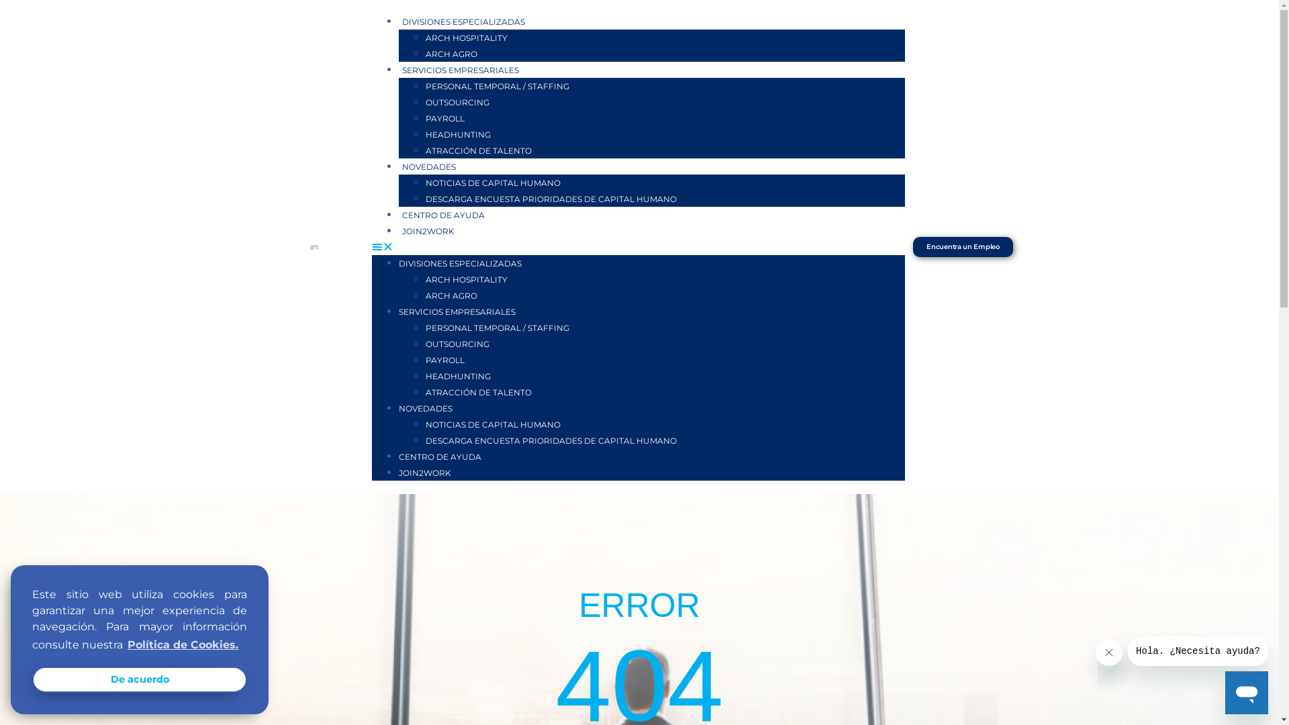  Describe the element at coordinates (457, 101) in the screenshot. I see `'OUTSOURCING'` at that location.